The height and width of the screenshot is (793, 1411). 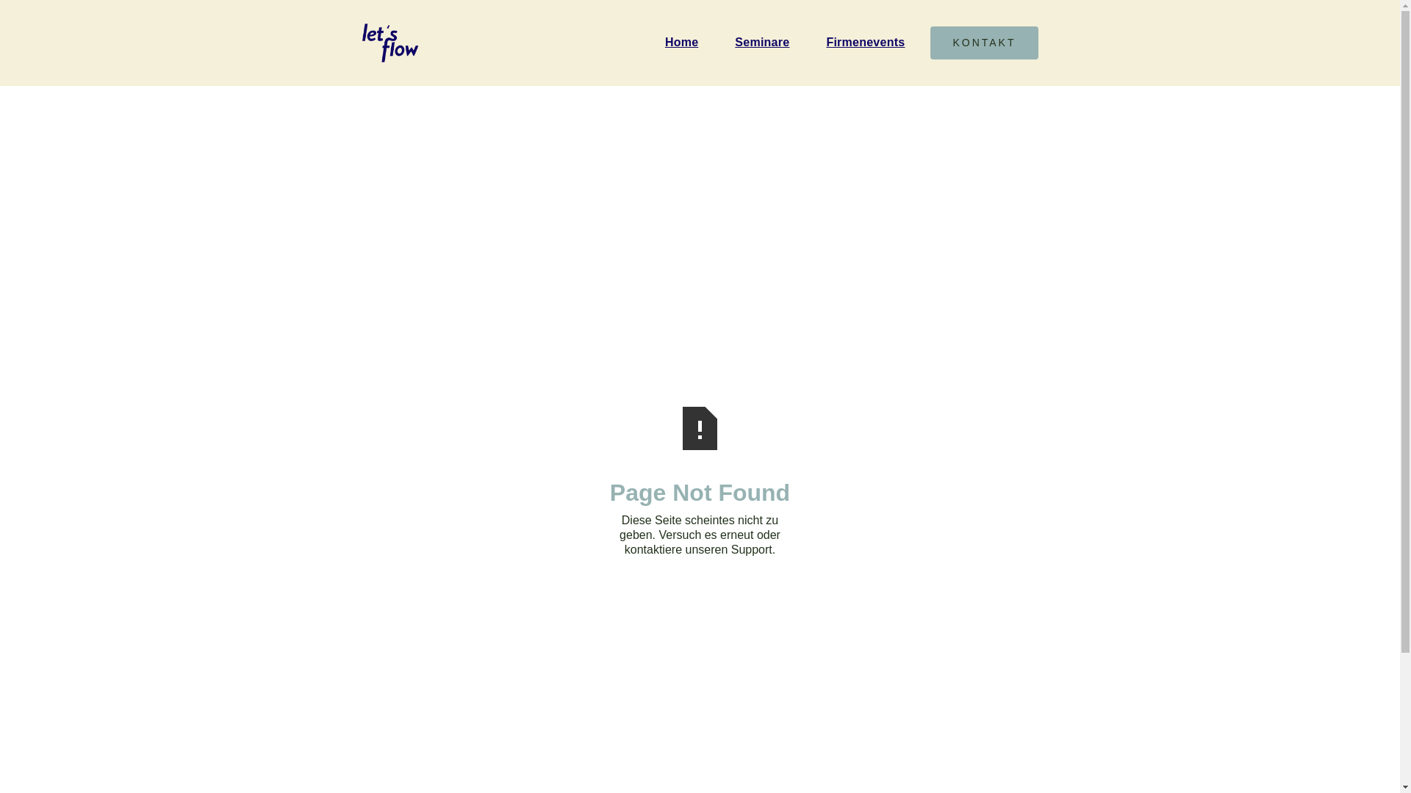 I want to click on 'Seminare', so click(x=768, y=41).